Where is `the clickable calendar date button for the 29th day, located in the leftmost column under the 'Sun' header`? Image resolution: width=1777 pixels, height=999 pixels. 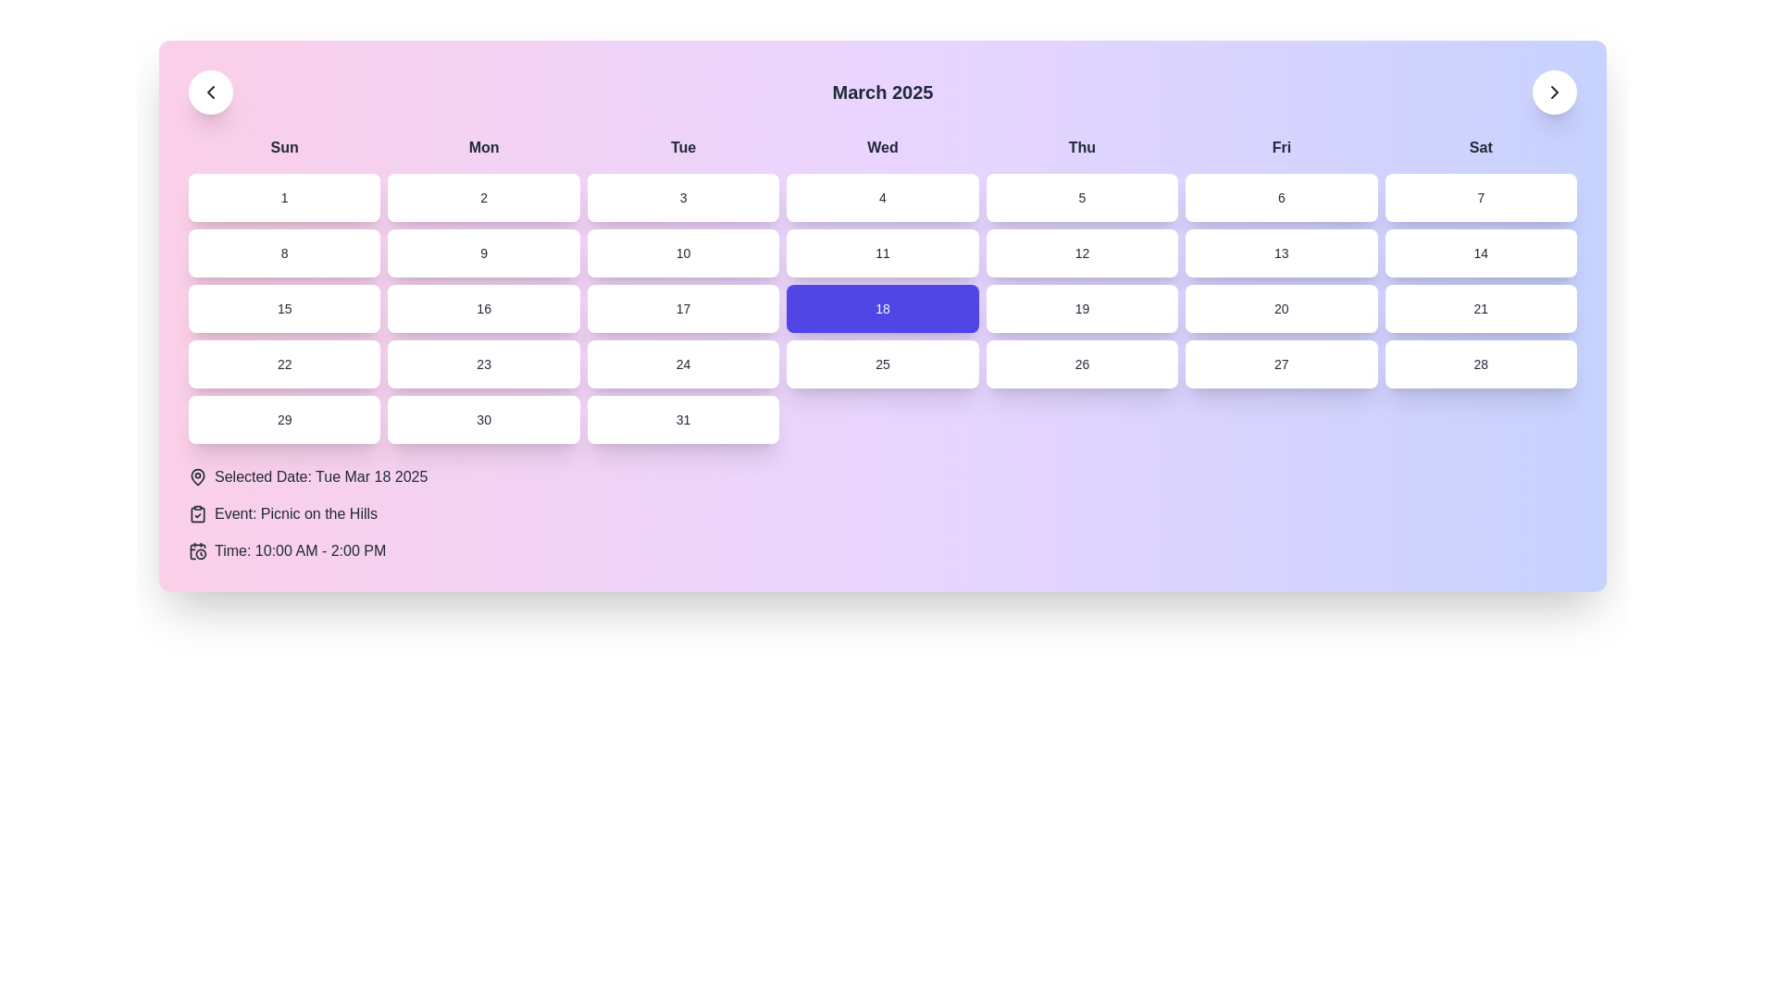 the clickable calendar date button for the 29th day, located in the leftmost column under the 'Sun' header is located at coordinates (283, 420).